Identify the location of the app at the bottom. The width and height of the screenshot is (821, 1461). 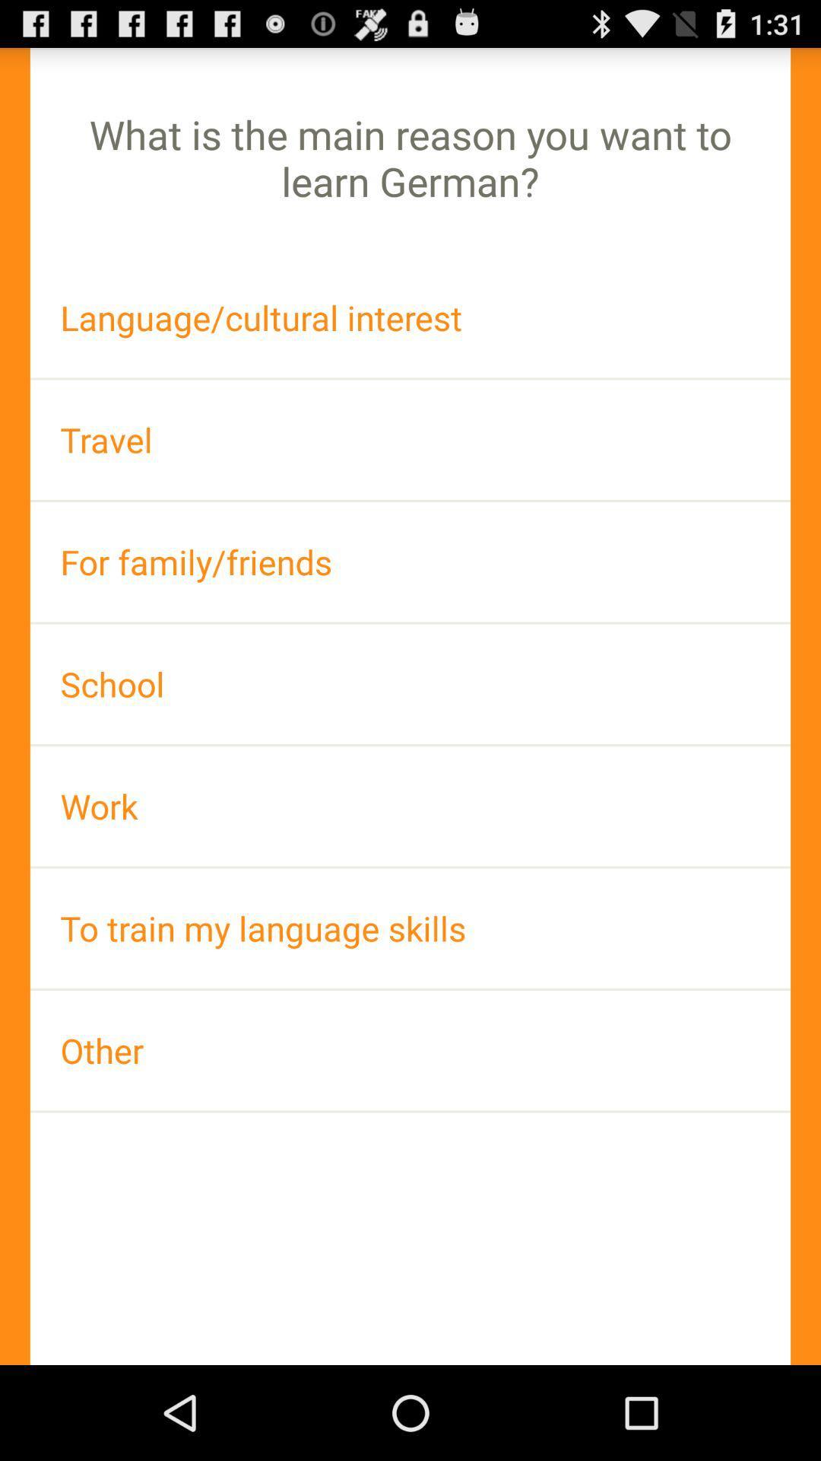
(410, 1049).